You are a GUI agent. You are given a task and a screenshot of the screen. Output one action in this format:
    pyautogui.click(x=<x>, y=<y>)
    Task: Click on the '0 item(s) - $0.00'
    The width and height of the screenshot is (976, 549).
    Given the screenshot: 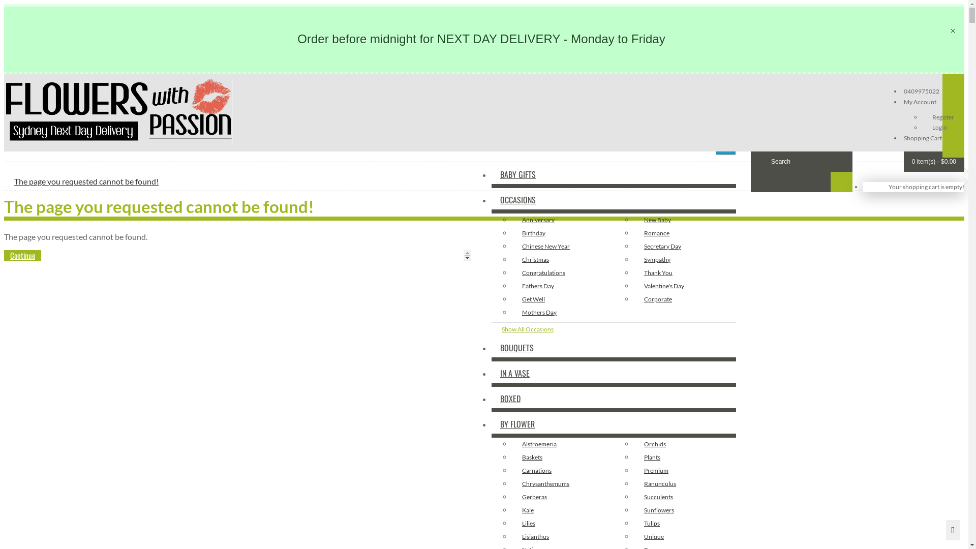 What is the action you would take?
    pyautogui.click(x=934, y=161)
    